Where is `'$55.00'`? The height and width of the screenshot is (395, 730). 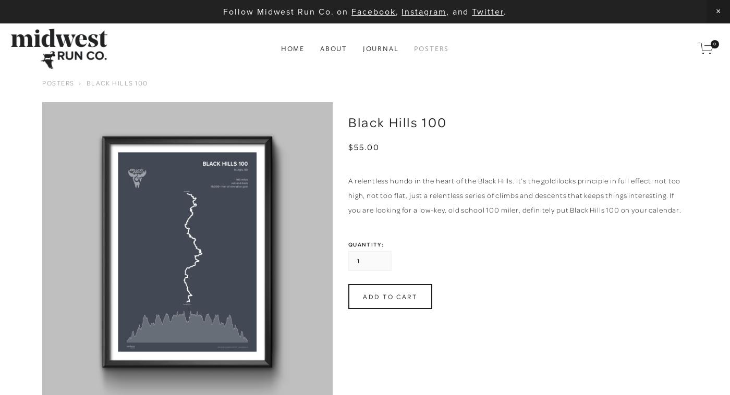
'$55.00' is located at coordinates (363, 146).